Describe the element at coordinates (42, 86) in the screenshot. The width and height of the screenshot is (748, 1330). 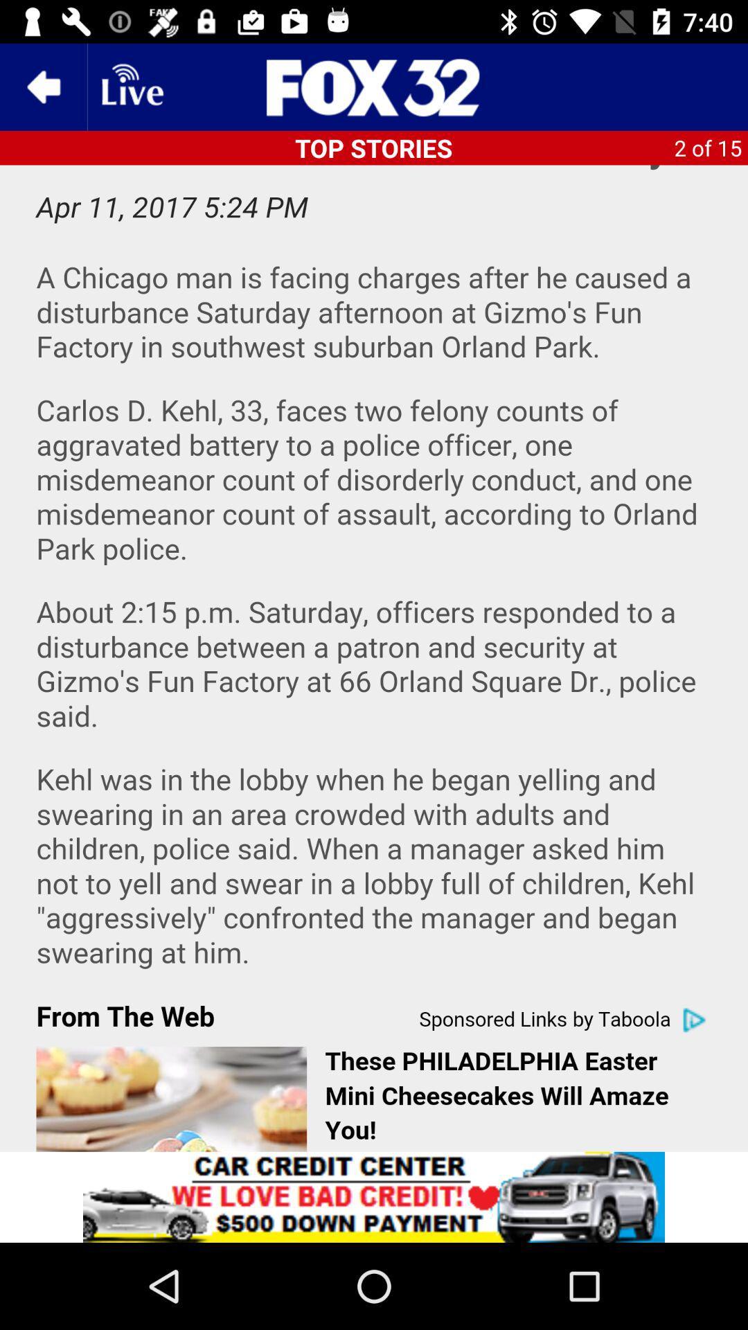
I see `the previous screen` at that location.